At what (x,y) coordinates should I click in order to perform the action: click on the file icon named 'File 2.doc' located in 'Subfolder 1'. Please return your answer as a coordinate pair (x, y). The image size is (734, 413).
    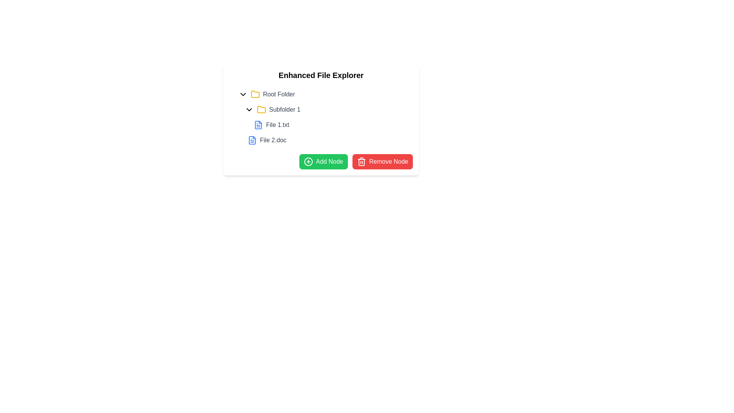
    Looking at the image, I should click on (252, 140).